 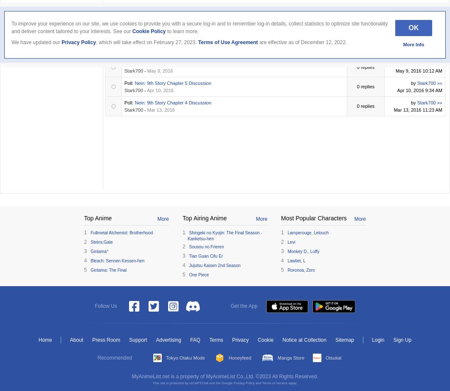 I want to click on 'apply.', so click(x=292, y=383).